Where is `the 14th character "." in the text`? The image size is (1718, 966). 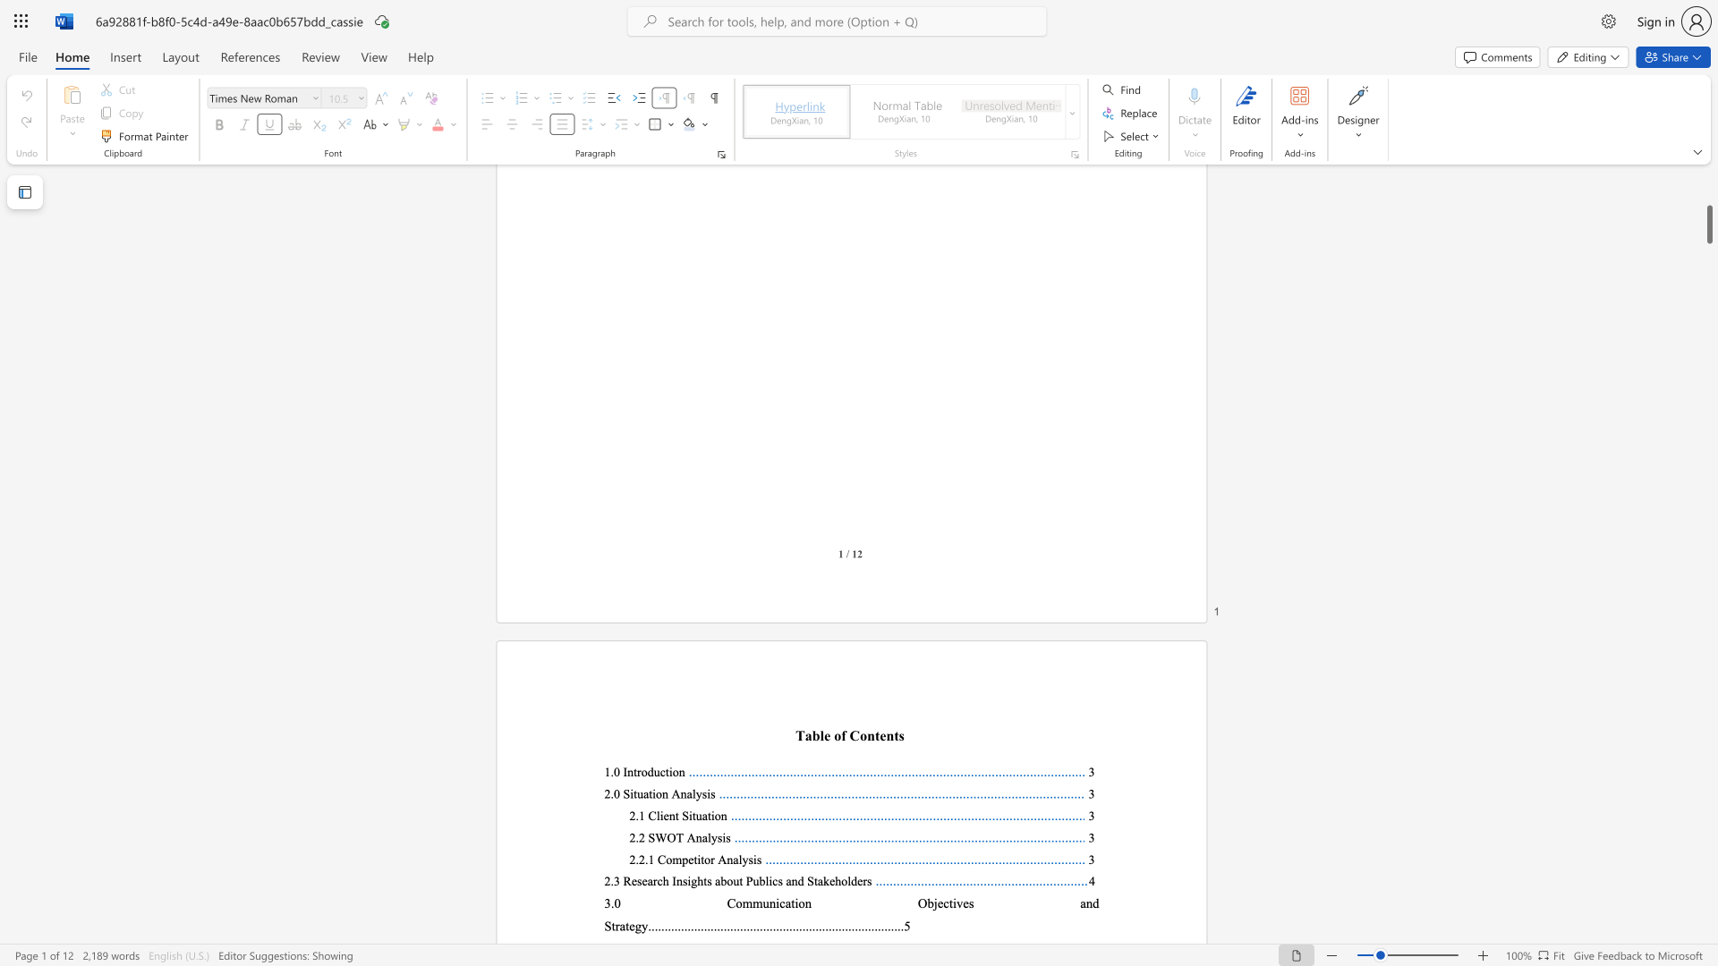
the 14th character "." in the text is located at coordinates (691, 926).